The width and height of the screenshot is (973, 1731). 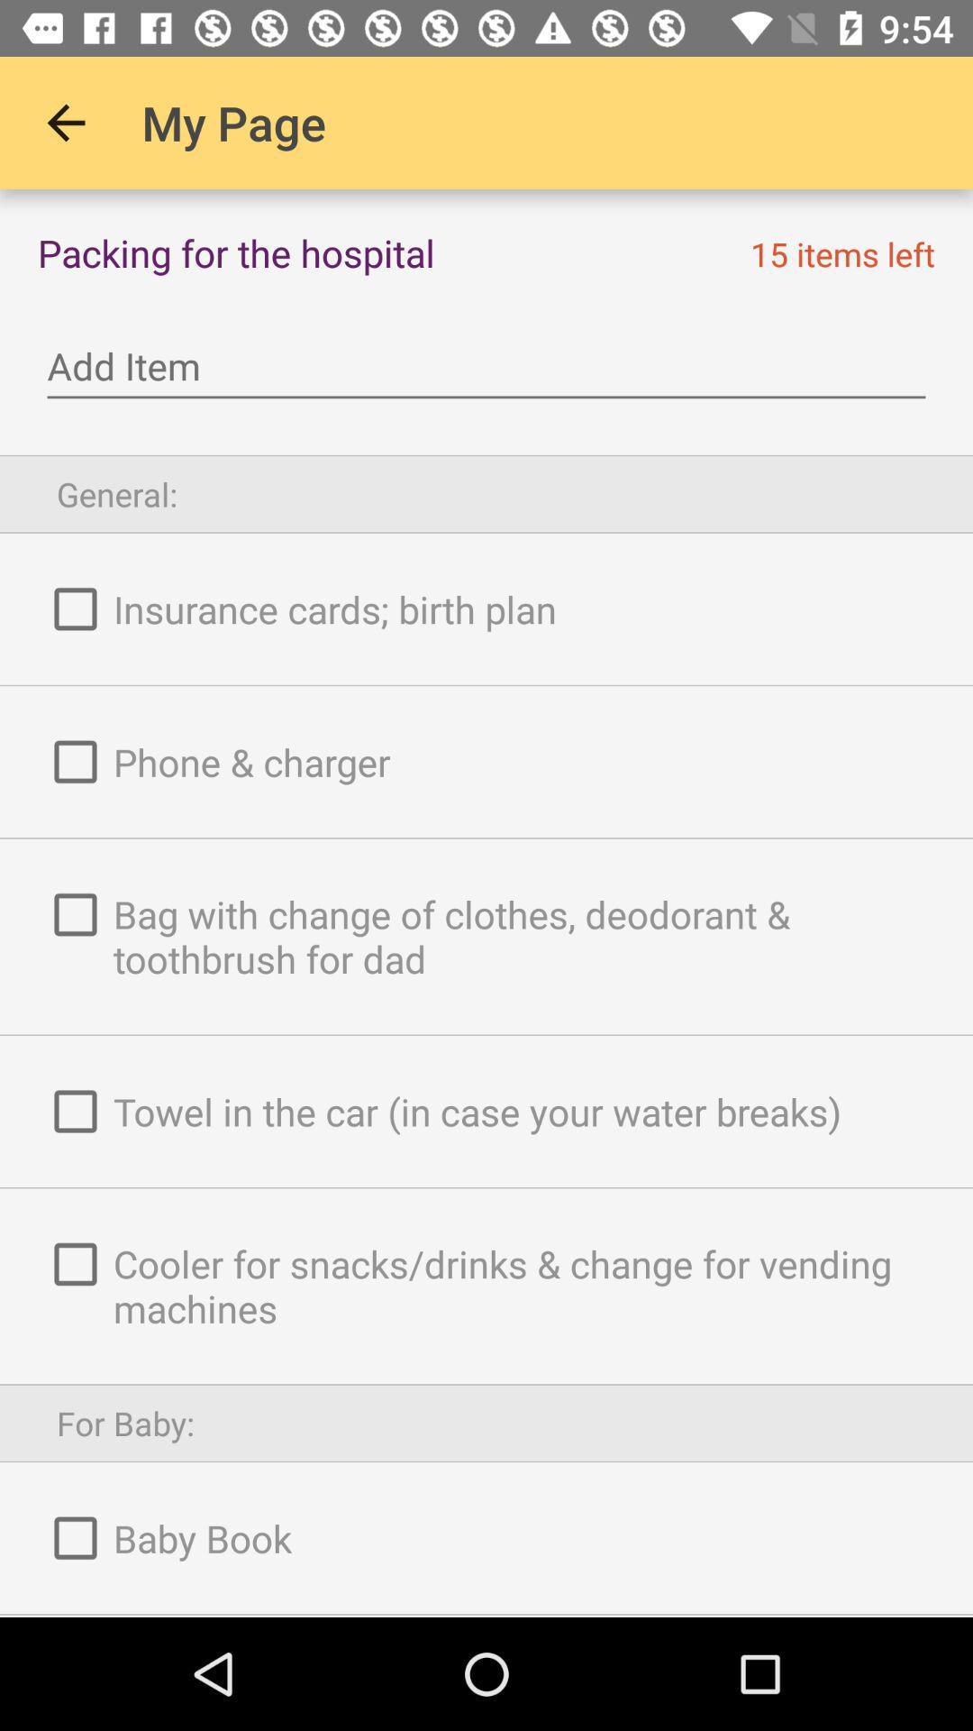 What do you see at coordinates (75, 1263) in the screenshot?
I see `the fifth check box from the top` at bounding box center [75, 1263].